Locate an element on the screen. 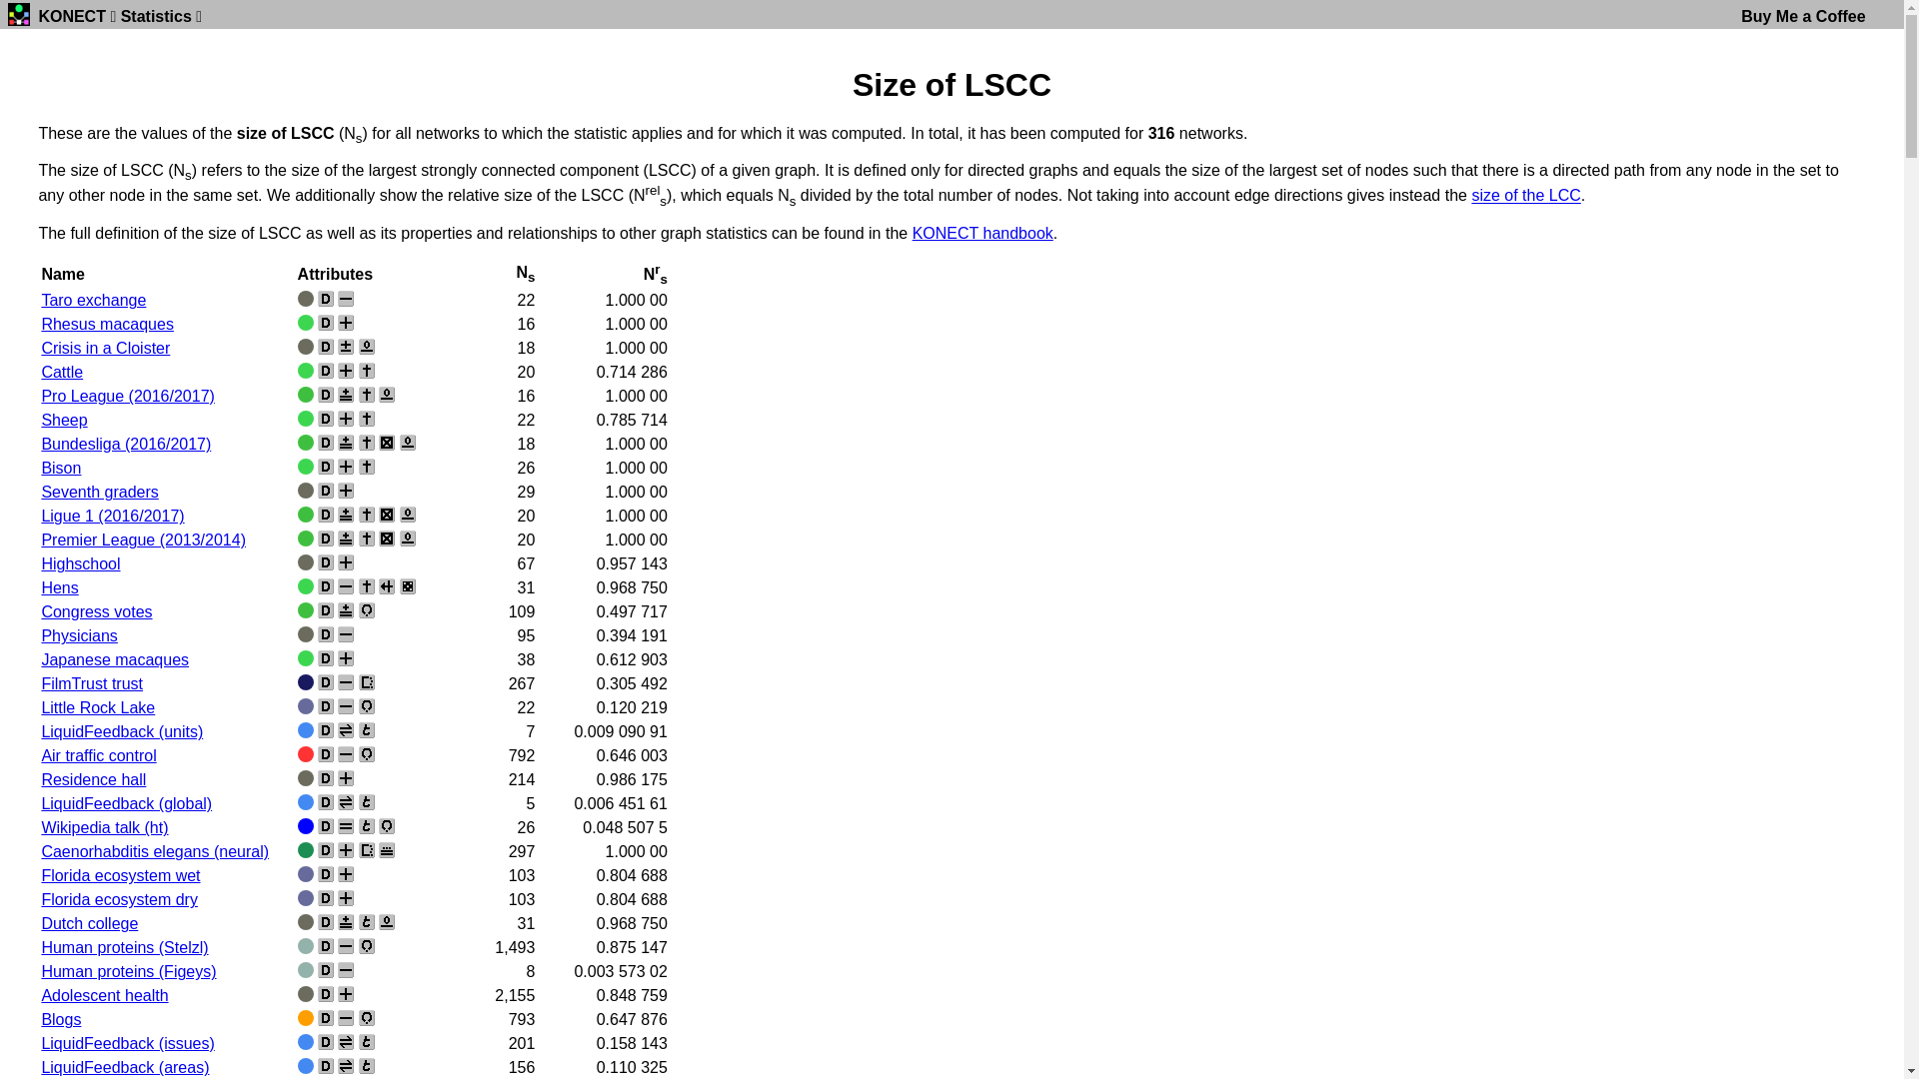 This screenshot has width=1919, height=1079. 'Positive weights, no multiple edges' is located at coordinates (345, 322).